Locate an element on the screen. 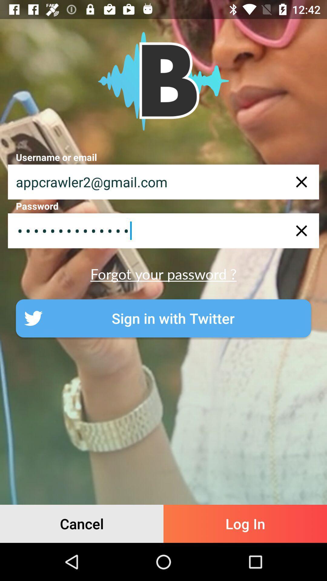 This screenshot has height=581, width=327. log in item is located at coordinates (245, 524).